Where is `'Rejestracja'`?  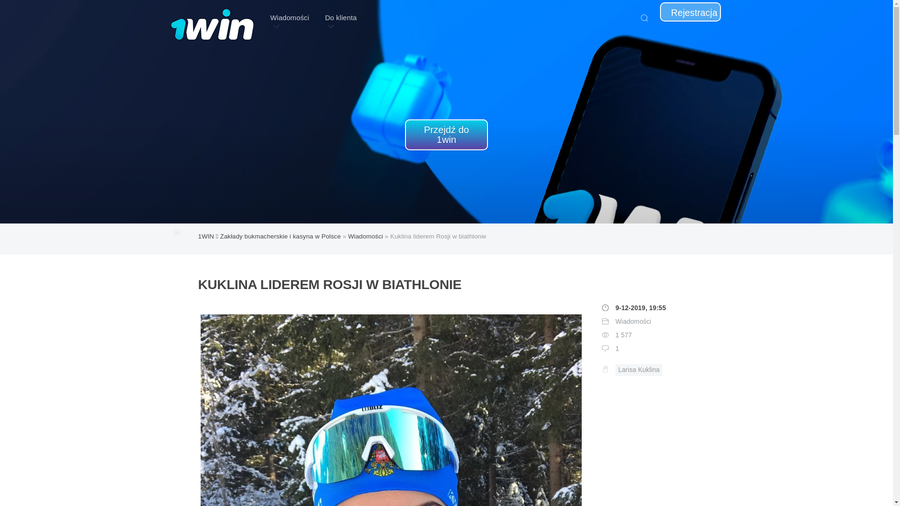
'Rejestracja' is located at coordinates (690, 12).